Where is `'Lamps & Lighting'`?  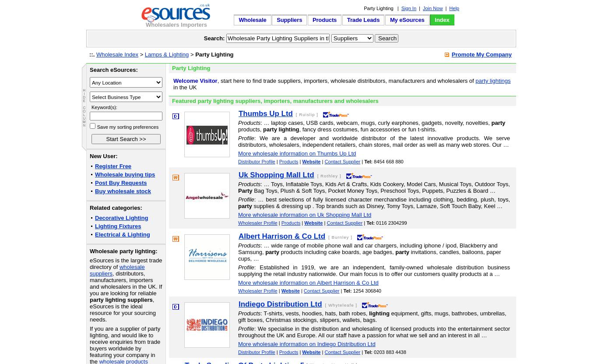
'Lamps & Lighting' is located at coordinates (166, 54).